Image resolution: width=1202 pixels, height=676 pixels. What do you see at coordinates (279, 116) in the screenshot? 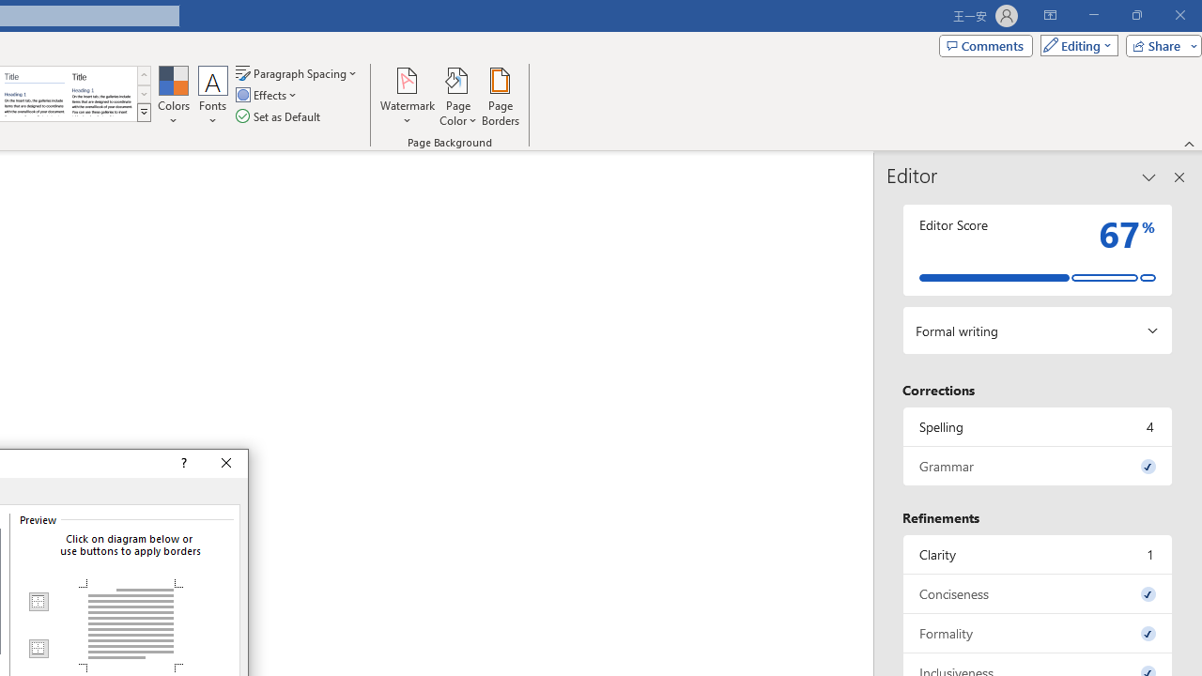
I see `'Set as Default'` at bounding box center [279, 116].